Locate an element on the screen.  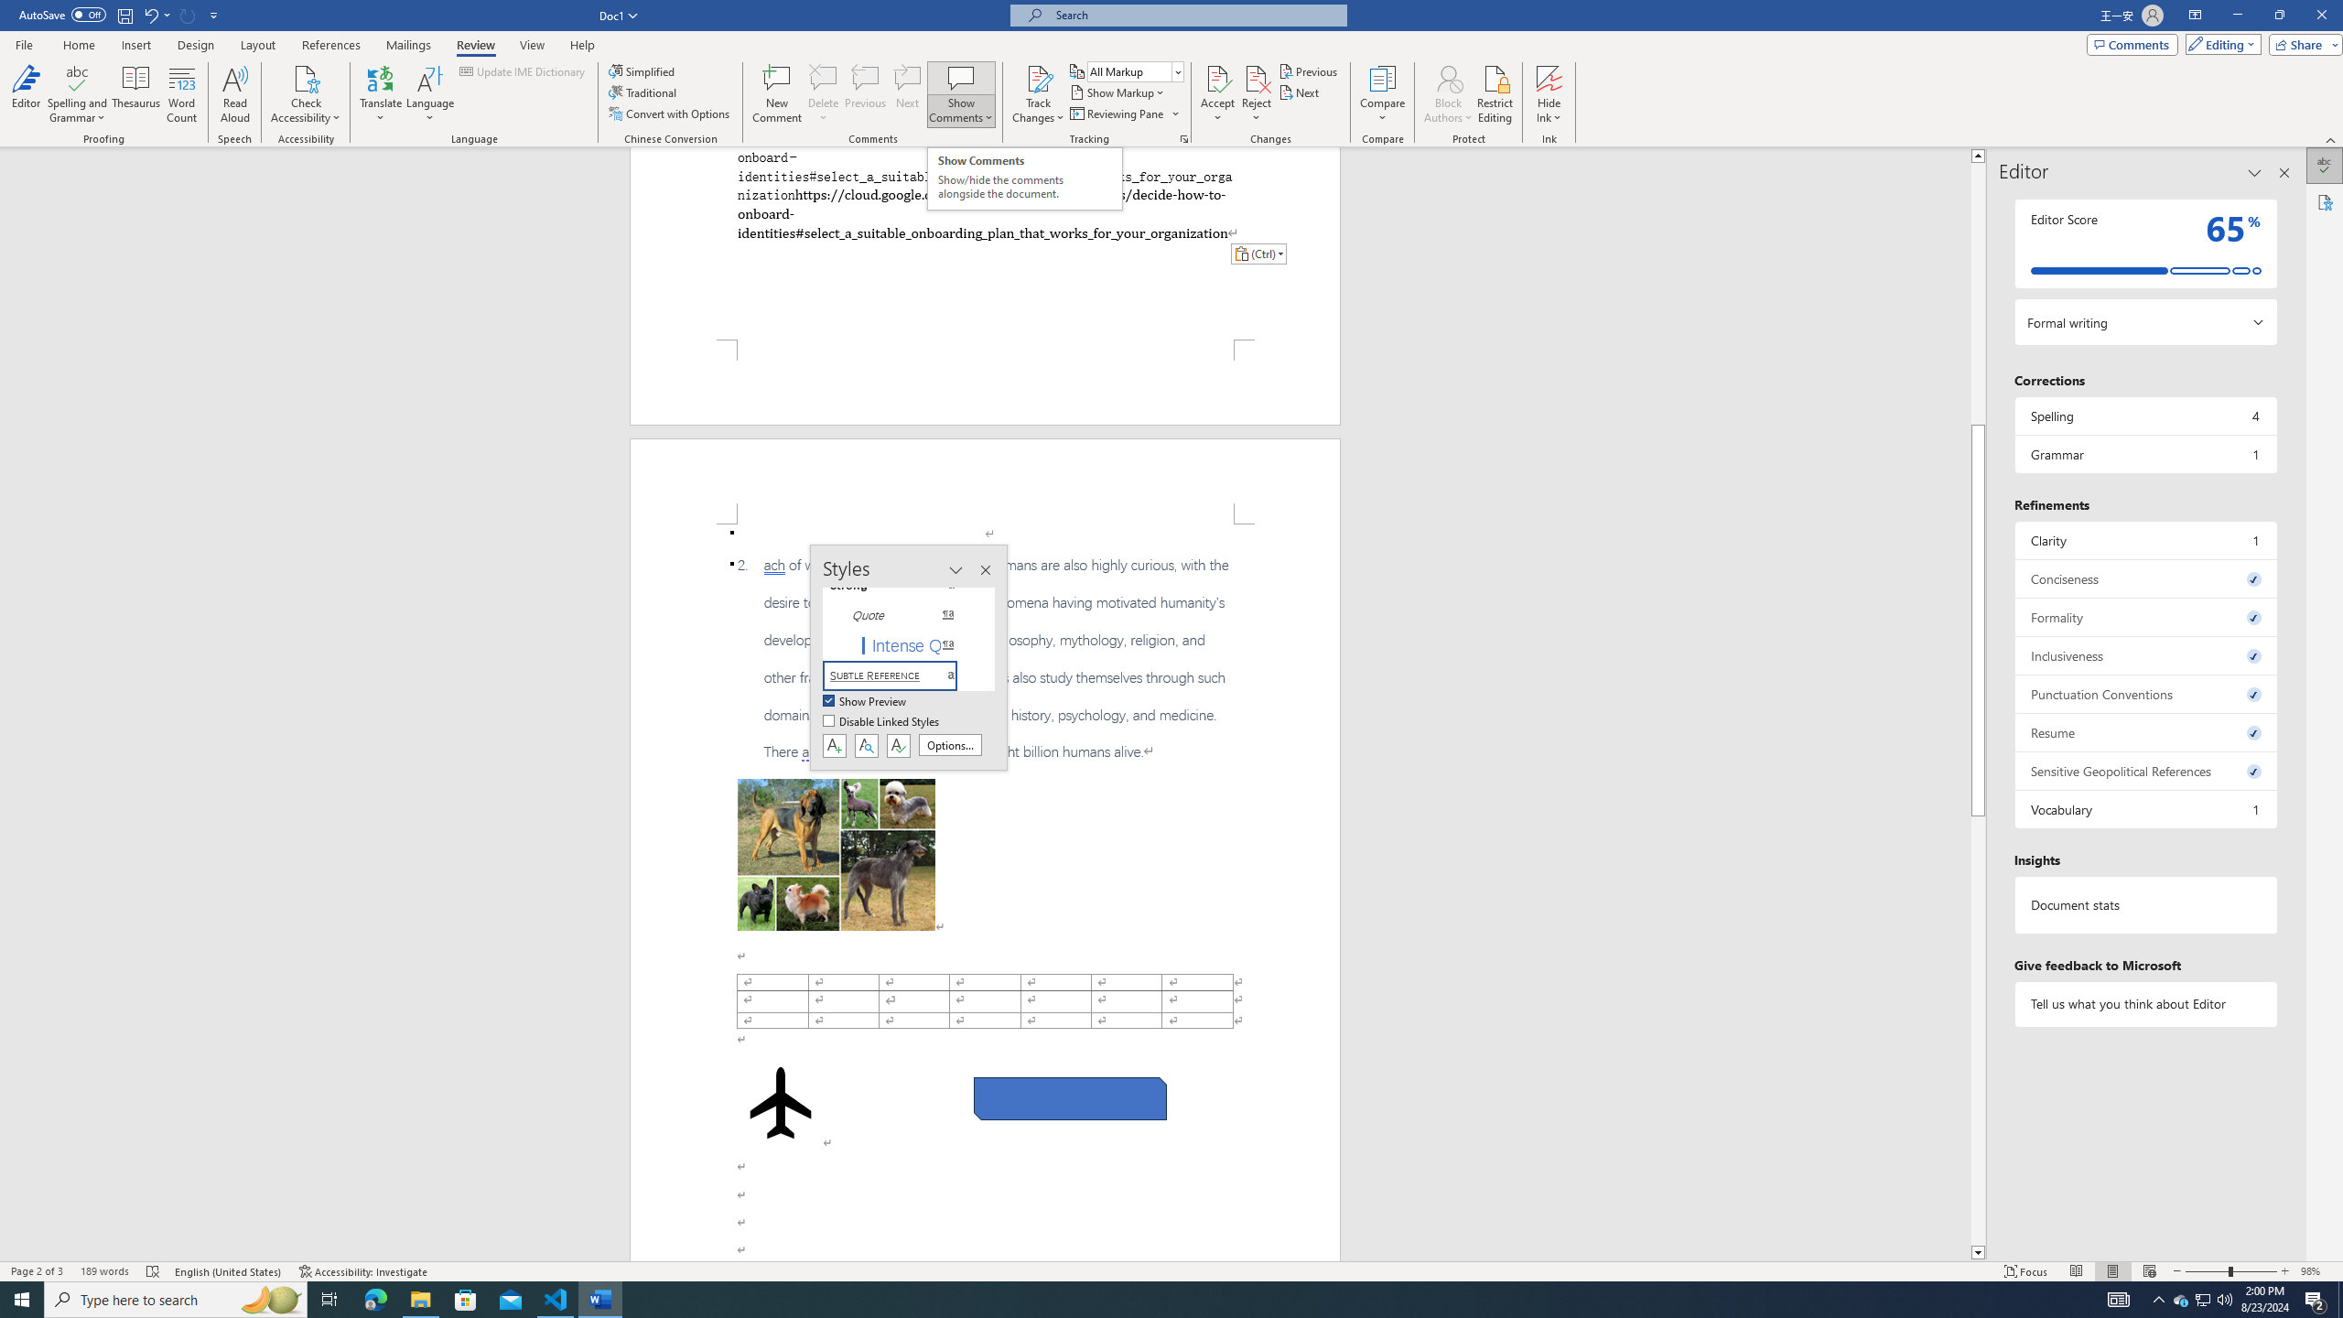
'Reject and Move to Next' is located at coordinates (1257, 77).